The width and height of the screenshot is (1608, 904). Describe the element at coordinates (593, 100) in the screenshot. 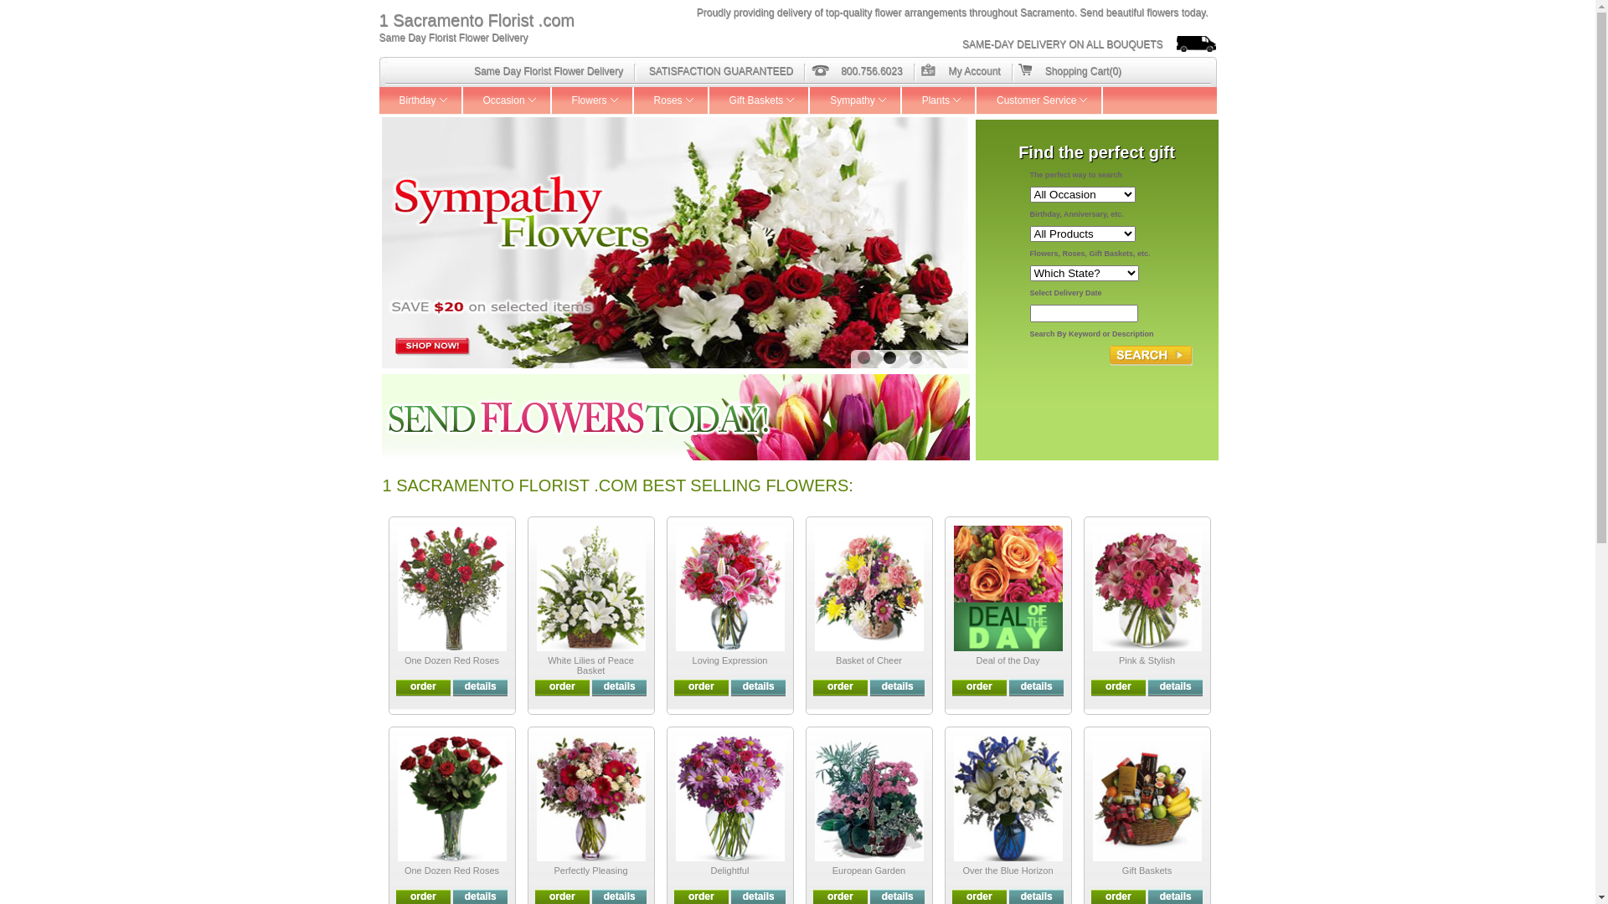

I see `'Flowers'` at that location.